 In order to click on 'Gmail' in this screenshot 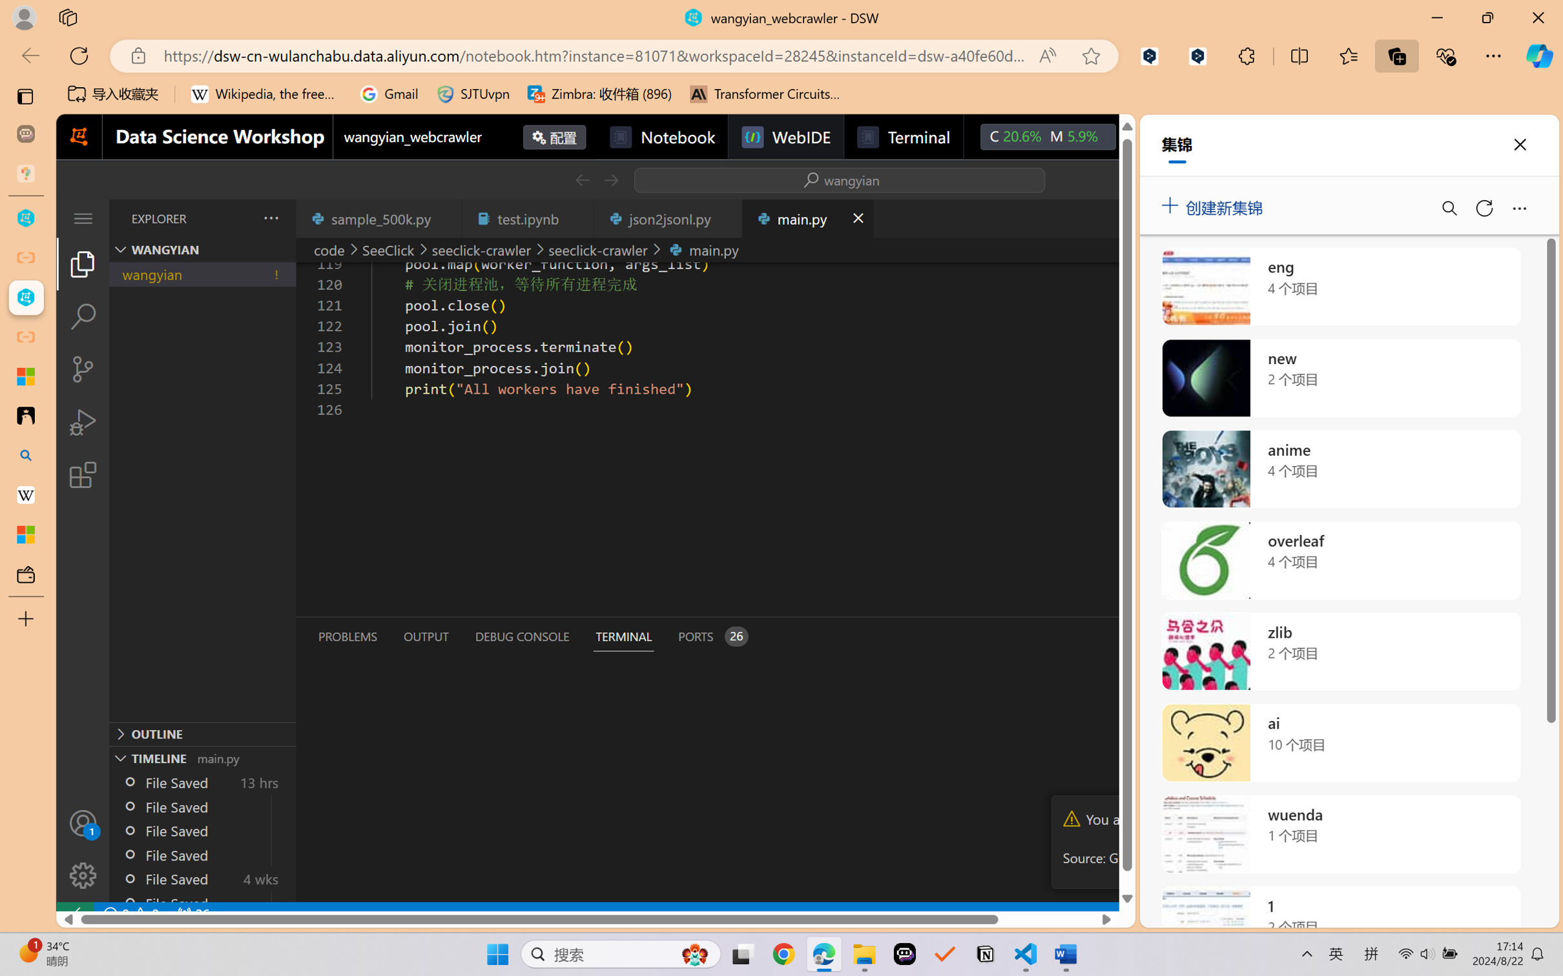, I will do `click(388, 94)`.